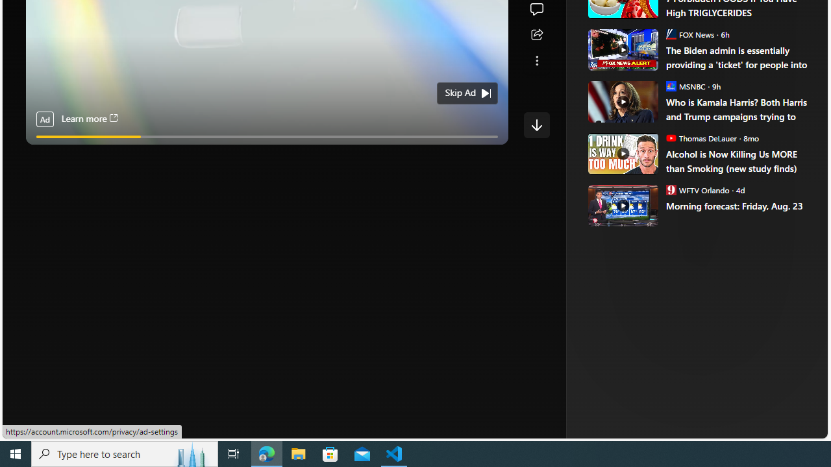 This screenshot has height=467, width=831. What do you see at coordinates (697, 189) in the screenshot?
I see `'WFTV Orlando WFTV Orlando'` at bounding box center [697, 189].